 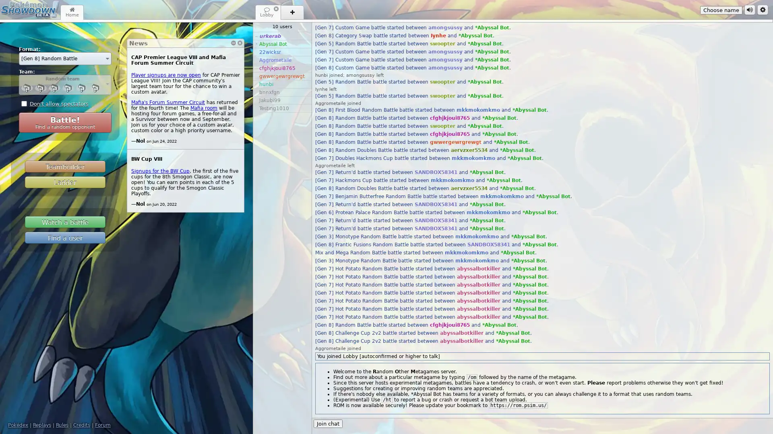 What do you see at coordinates (762, 10) in the screenshot?
I see `Options` at bounding box center [762, 10].